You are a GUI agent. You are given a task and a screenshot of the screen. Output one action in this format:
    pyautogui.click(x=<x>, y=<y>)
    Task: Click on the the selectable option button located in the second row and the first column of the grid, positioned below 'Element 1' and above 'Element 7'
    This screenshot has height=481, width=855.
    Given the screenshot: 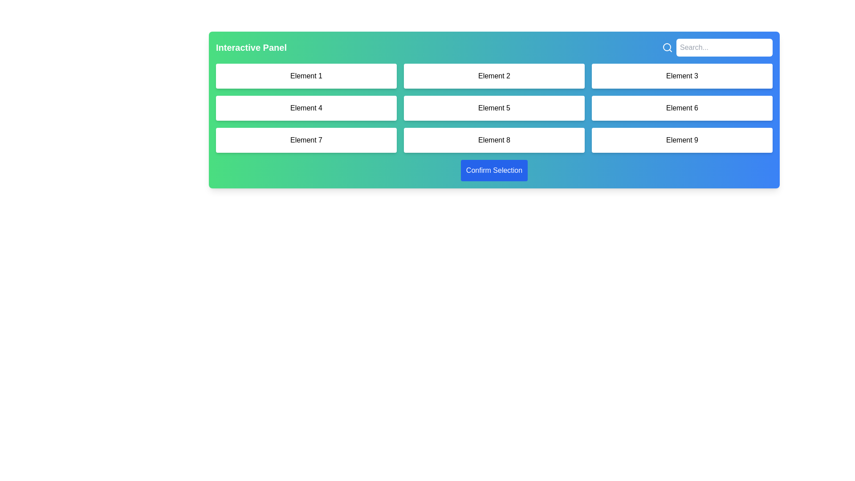 What is the action you would take?
    pyautogui.click(x=306, y=108)
    